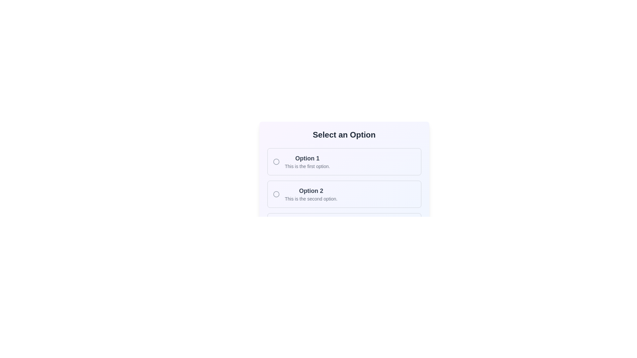 This screenshot has height=358, width=637. I want to click on the second selectable option in the list titled 'Select an Option', which is highlighted and reads 'This is the second option.', so click(344, 185).